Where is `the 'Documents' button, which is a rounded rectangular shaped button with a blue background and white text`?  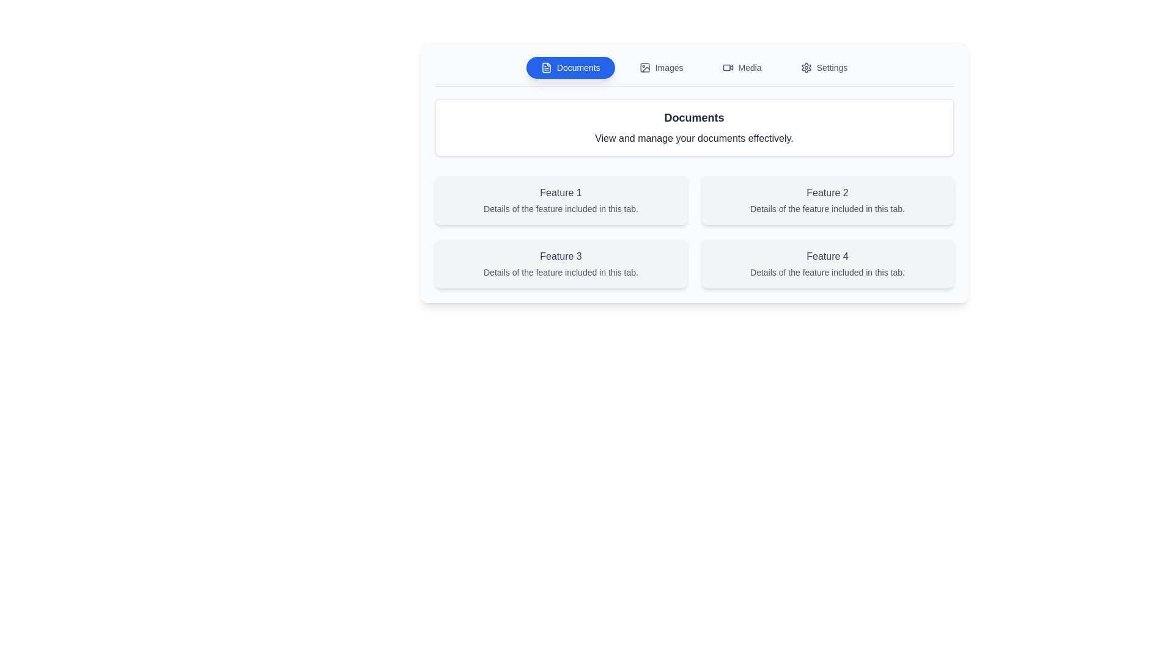
the 'Documents' button, which is a rounded rectangular shaped button with a blue background and white text is located at coordinates (570, 68).